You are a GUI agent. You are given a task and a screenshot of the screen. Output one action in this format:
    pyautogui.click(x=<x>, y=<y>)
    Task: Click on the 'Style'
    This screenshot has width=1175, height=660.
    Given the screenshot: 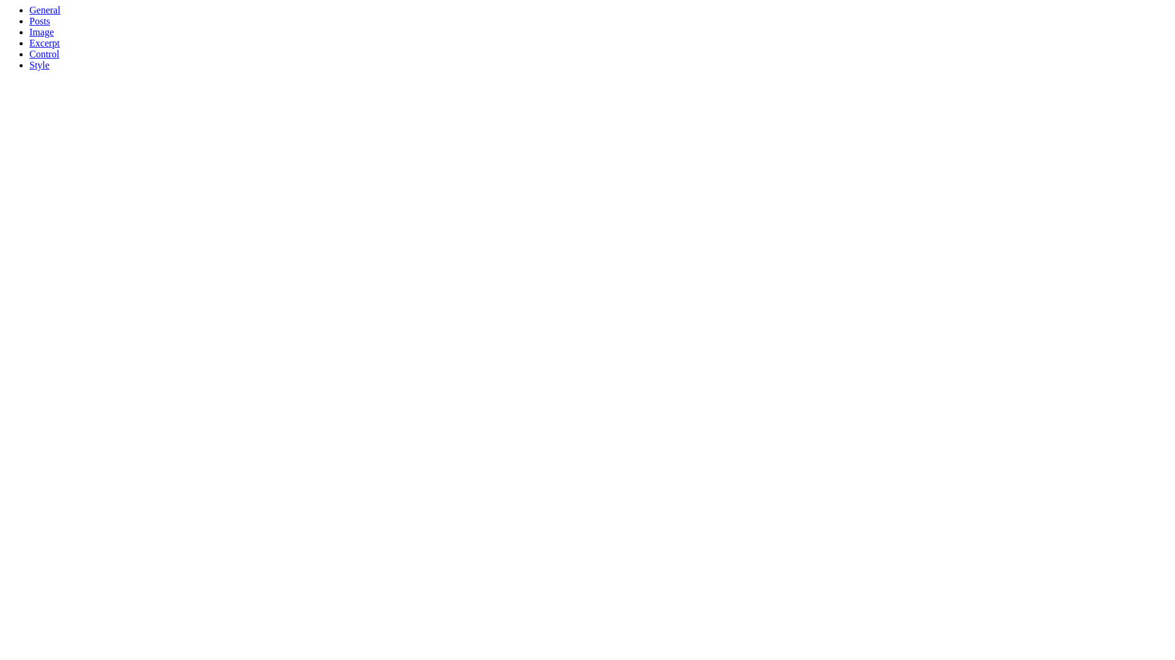 What is the action you would take?
    pyautogui.click(x=39, y=65)
    